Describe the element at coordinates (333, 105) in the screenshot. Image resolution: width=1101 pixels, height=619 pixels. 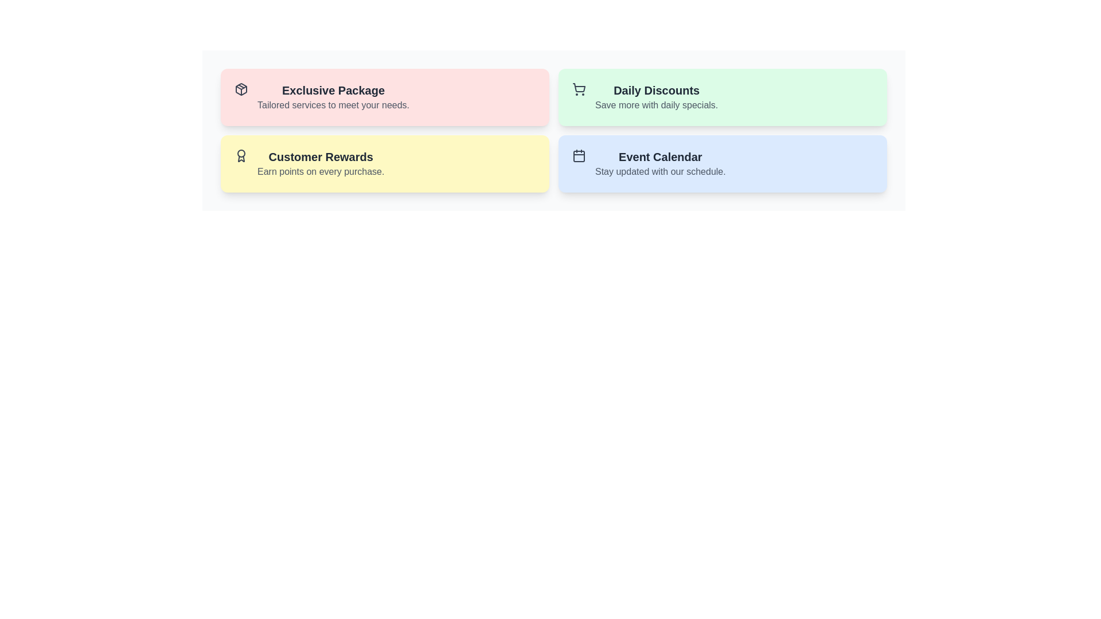
I see `the text label that says 'Tailored services to meet your needs.' which is located beneath the heading 'Exclusive Package' in a light pink section` at that location.